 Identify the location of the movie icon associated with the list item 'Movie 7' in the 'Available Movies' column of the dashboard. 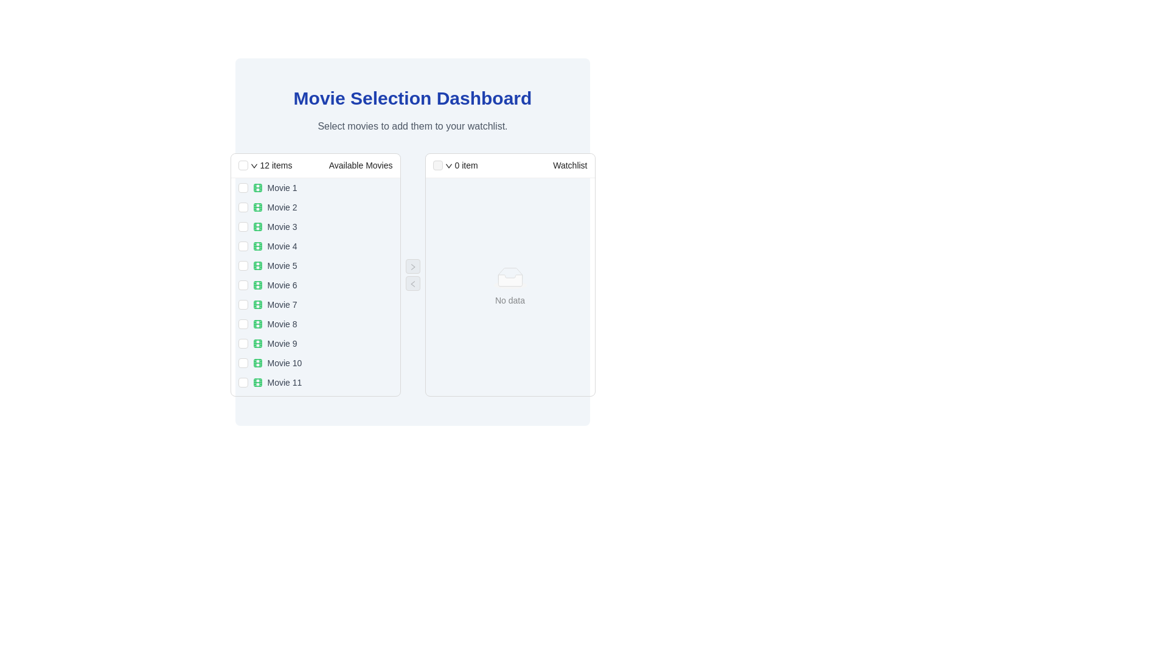
(257, 304).